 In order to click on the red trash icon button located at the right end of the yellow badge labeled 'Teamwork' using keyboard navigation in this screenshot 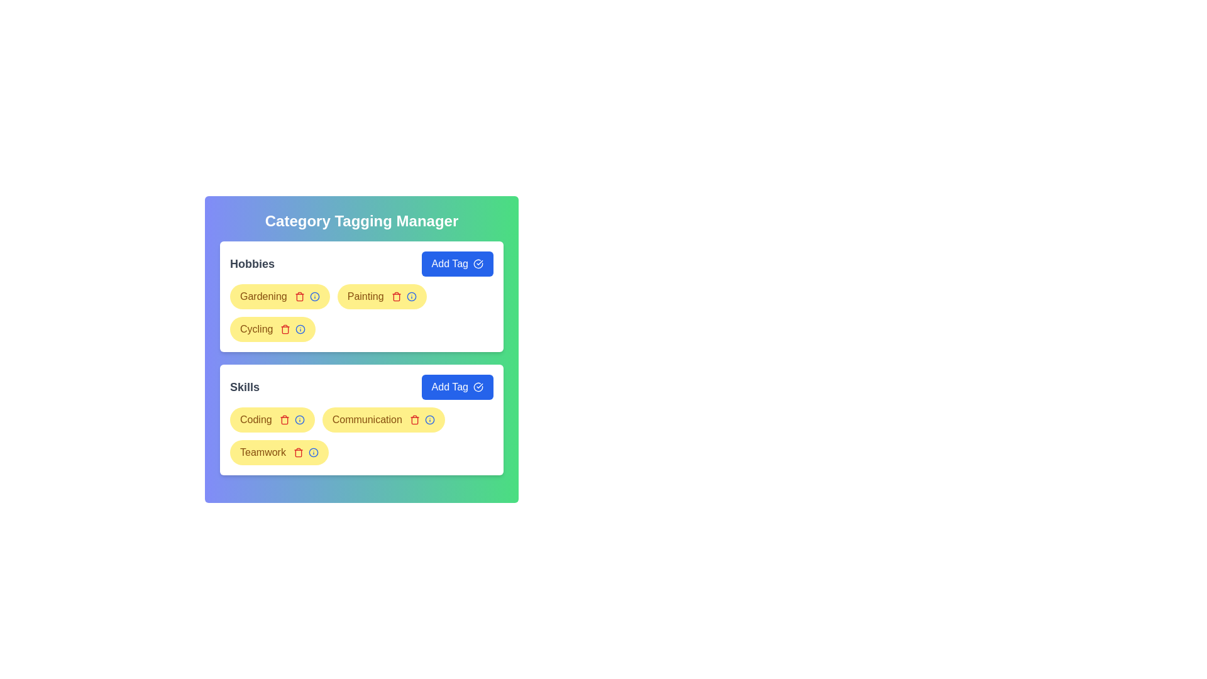, I will do `click(297, 453)`.